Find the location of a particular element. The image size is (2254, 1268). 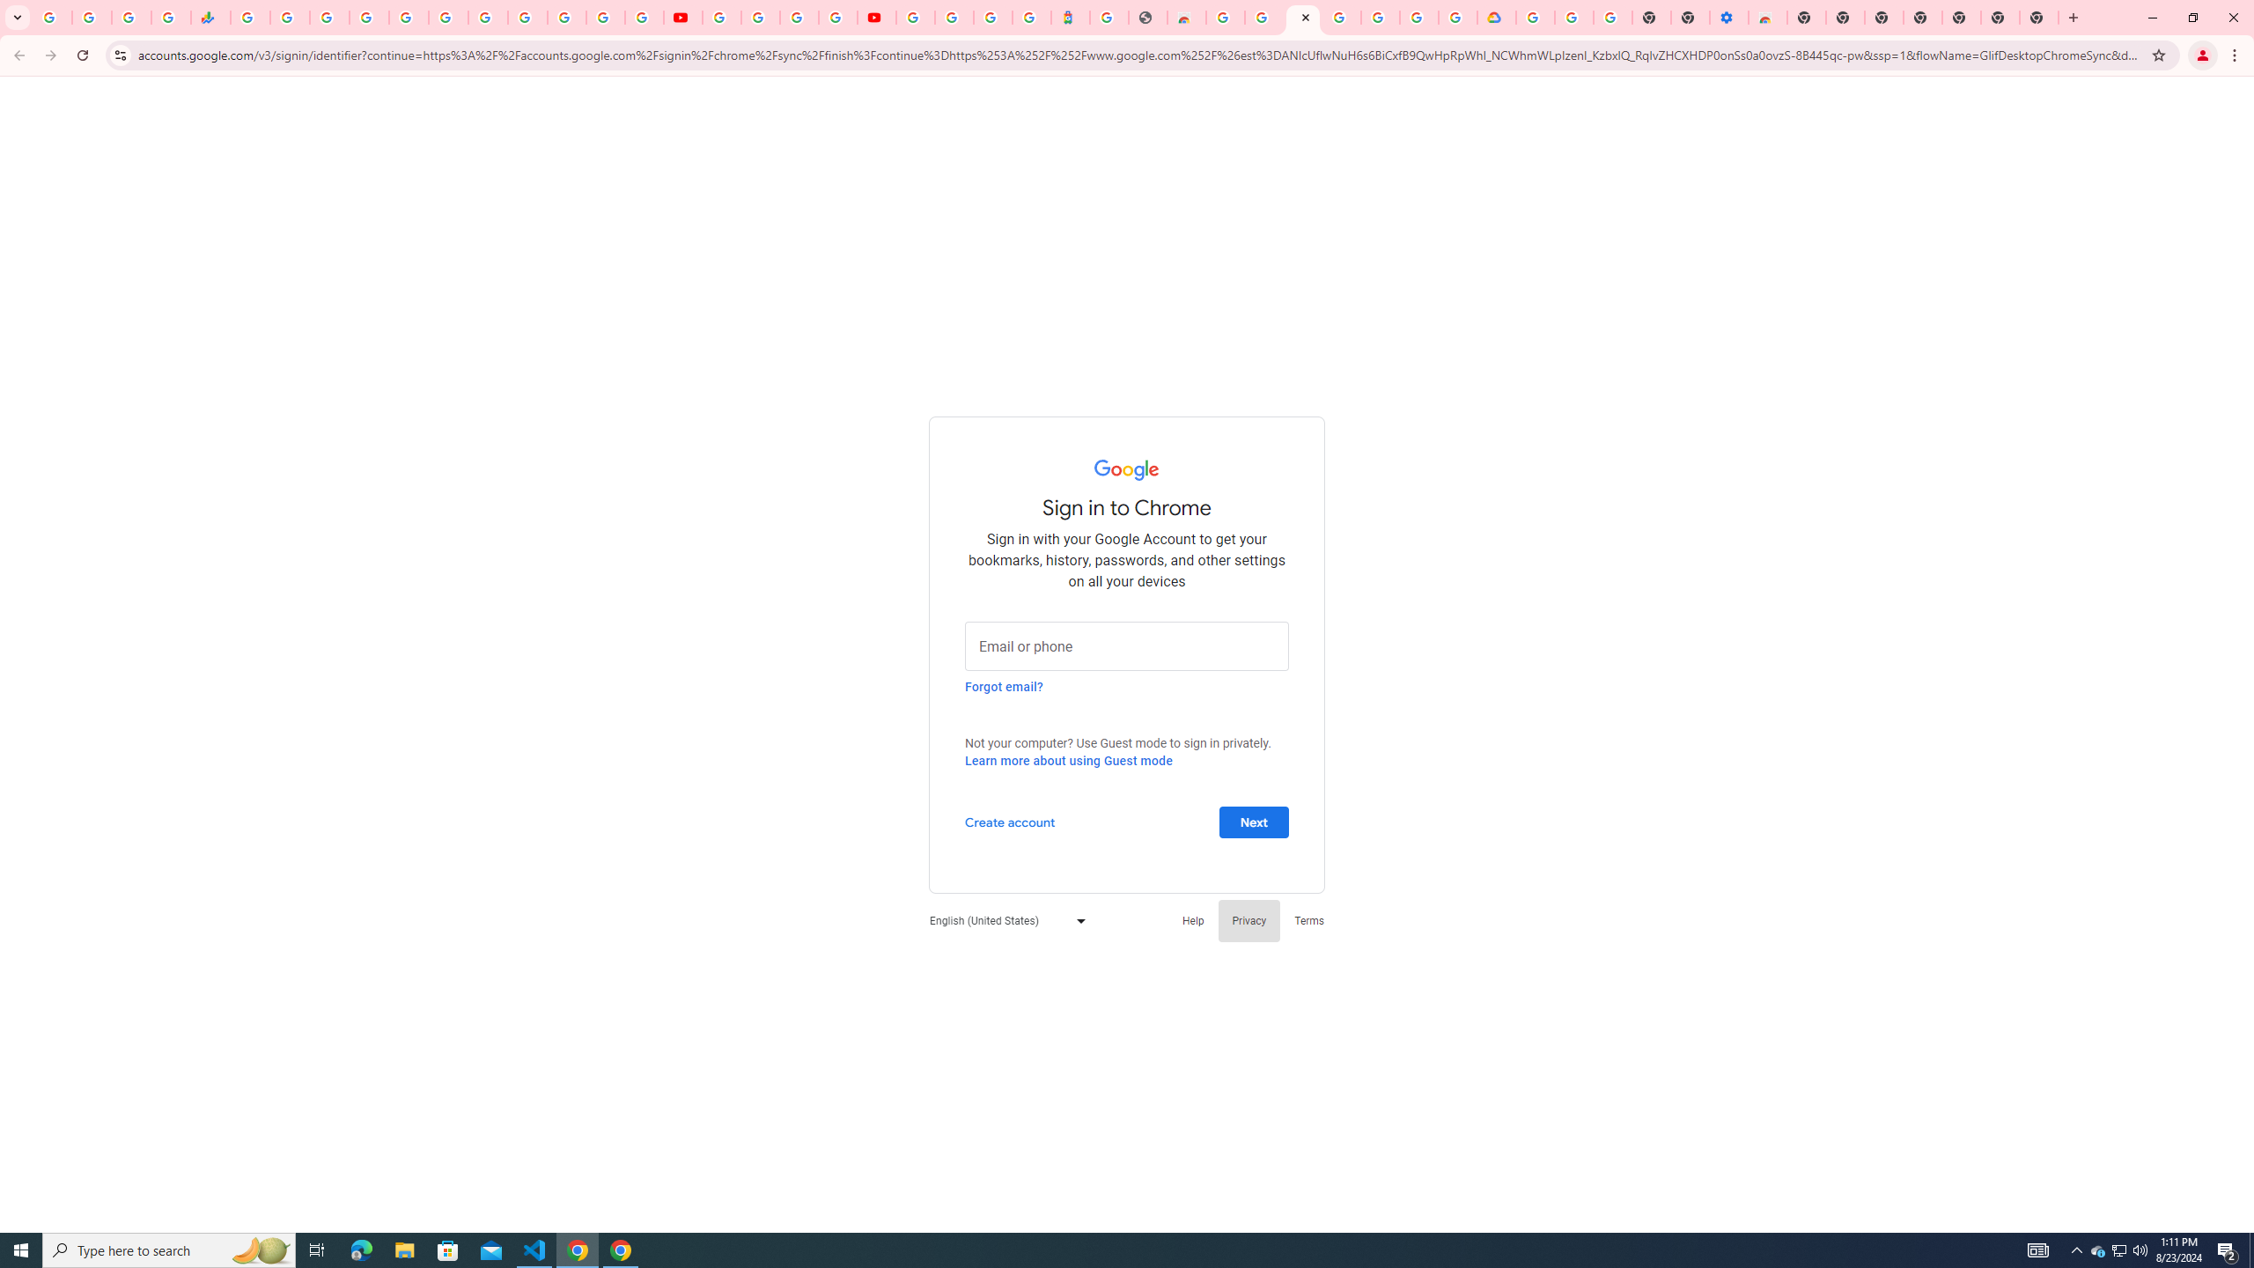

'YouTube' is located at coordinates (721, 17).